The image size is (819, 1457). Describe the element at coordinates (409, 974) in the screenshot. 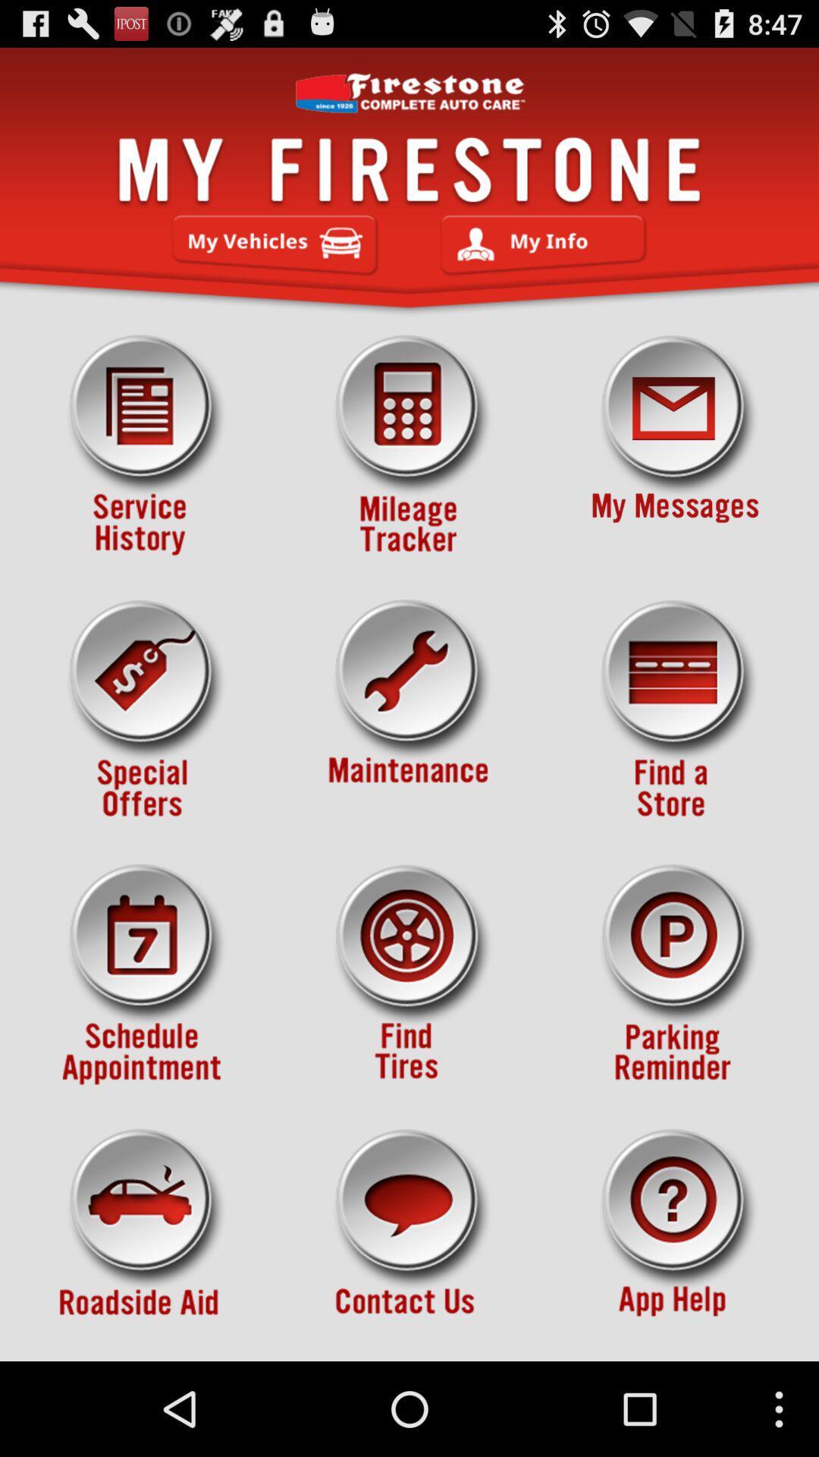

I see `find tires` at that location.